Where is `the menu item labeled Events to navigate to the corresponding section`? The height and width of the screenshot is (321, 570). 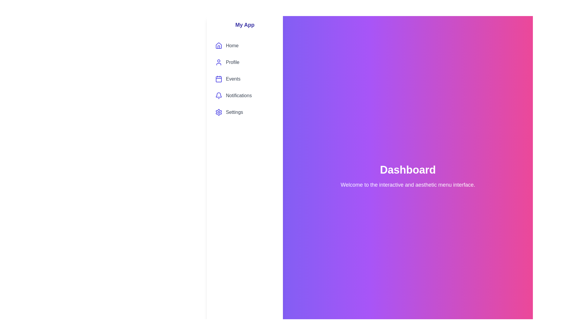 the menu item labeled Events to navigate to the corresponding section is located at coordinates (245, 79).